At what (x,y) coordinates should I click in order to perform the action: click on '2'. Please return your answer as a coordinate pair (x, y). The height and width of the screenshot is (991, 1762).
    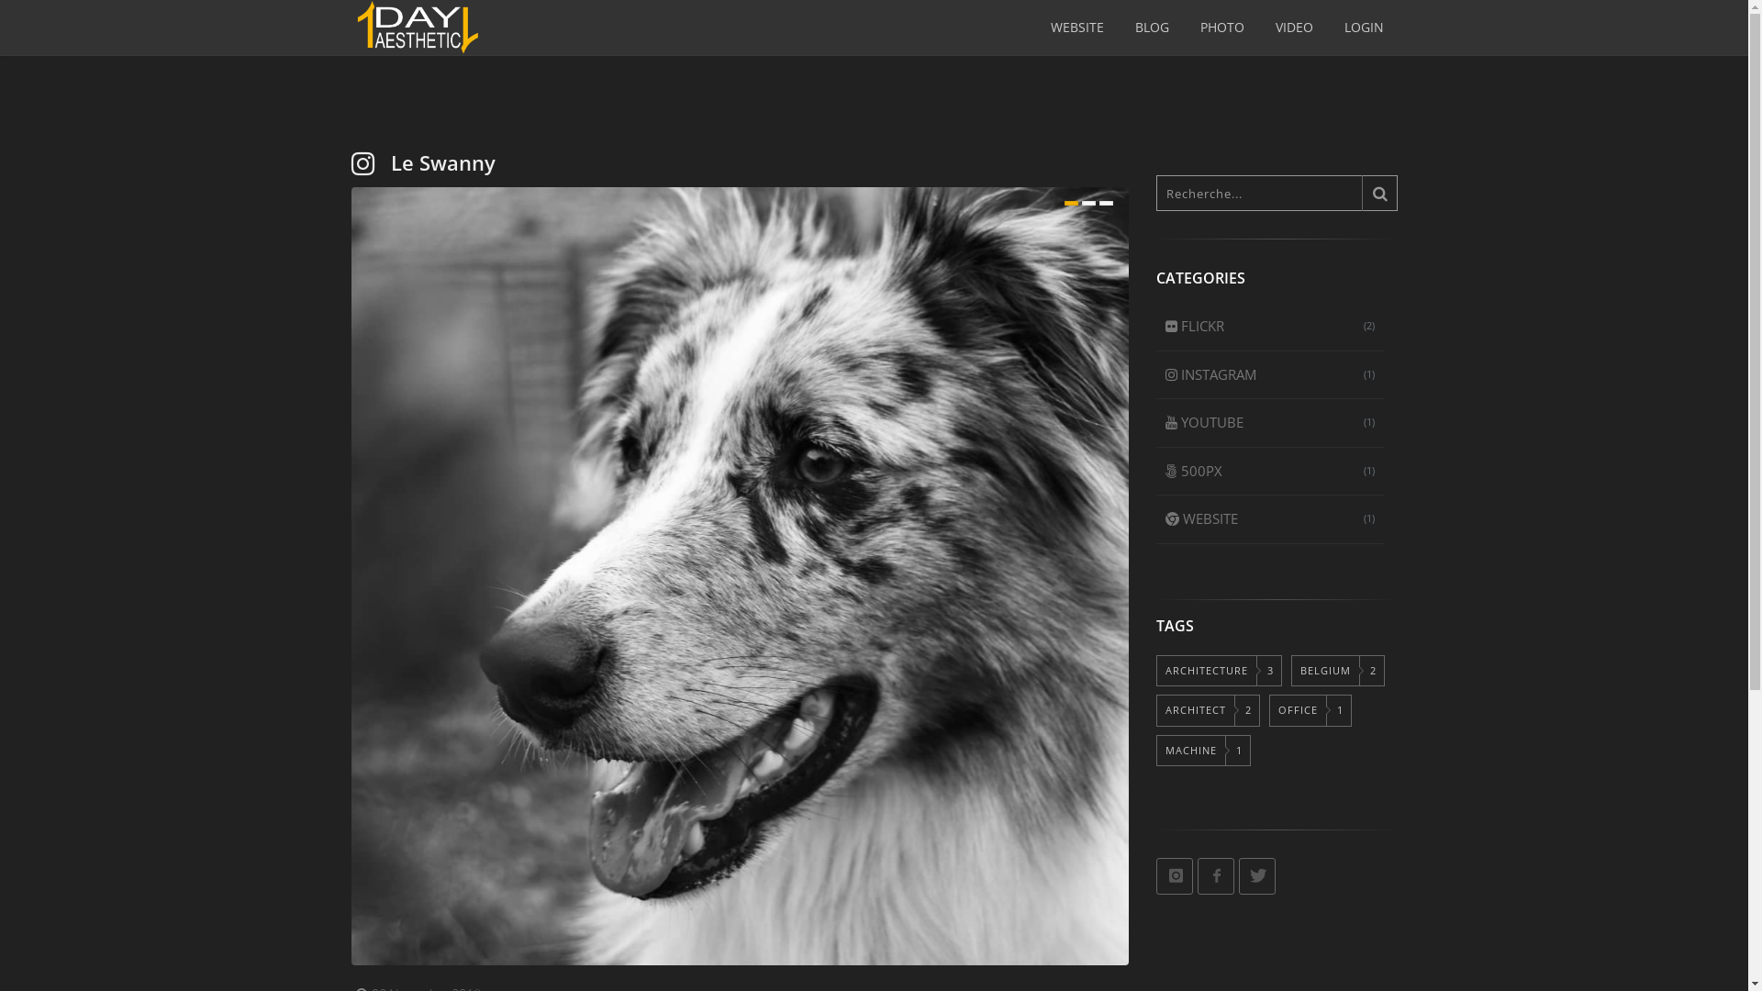
    Looking at the image, I should click on (1088, 203).